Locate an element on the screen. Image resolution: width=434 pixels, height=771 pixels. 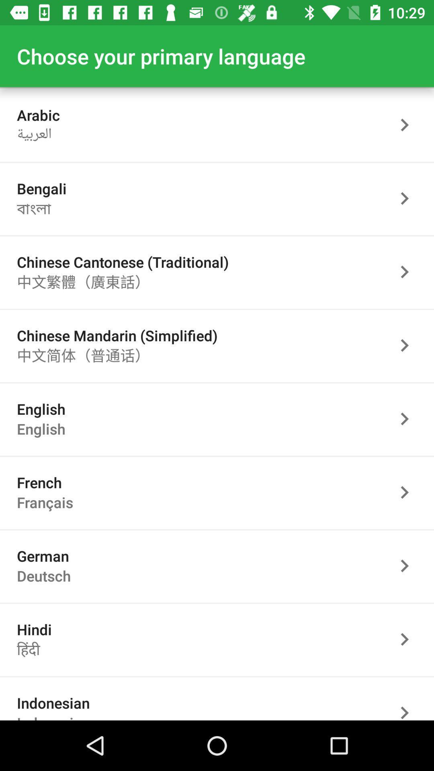
pick language option is located at coordinates (409, 418).